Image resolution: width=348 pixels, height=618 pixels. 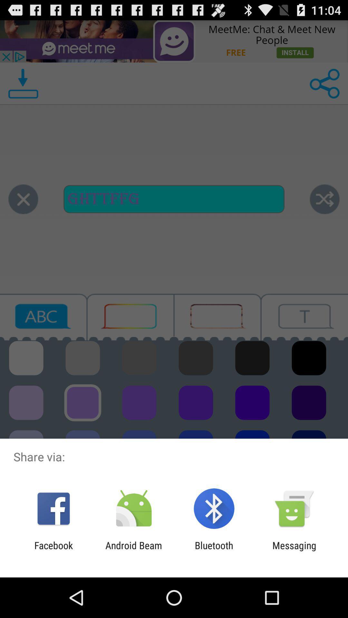 What do you see at coordinates (294, 551) in the screenshot?
I see `messaging app` at bounding box center [294, 551].